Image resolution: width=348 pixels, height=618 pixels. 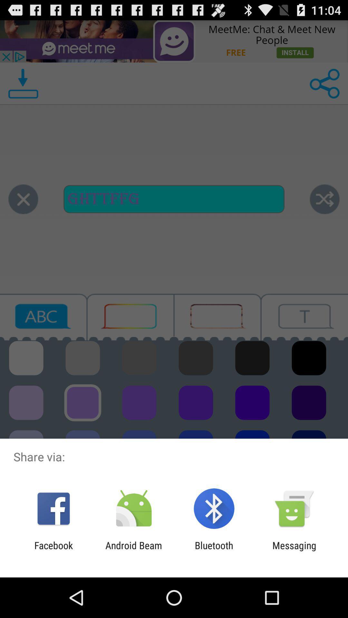 What do you see at coordinates (294, 551) in the screenshot?
I see `messaging app` at bounding box center [294, 551].